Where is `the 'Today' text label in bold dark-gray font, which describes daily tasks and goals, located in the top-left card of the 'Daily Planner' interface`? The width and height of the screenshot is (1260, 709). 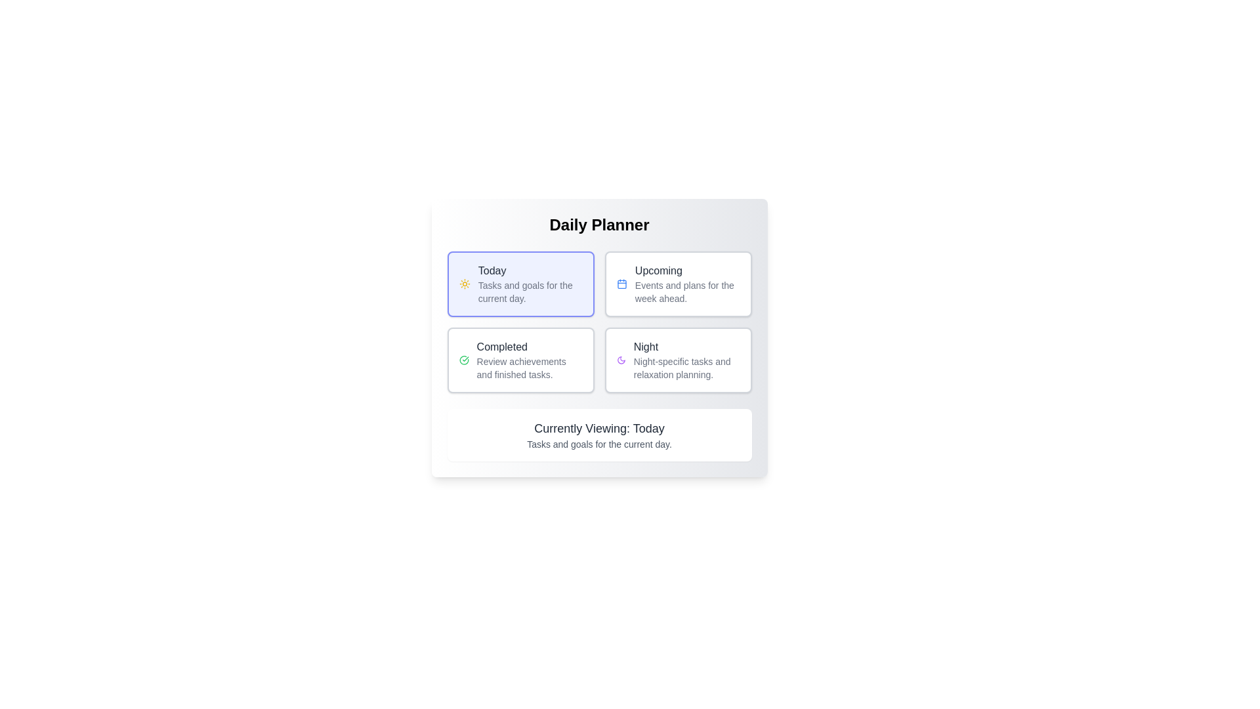
the 'Today' text label in bold dark-gray font, which describes daily tasks and goals, located in the top-left card of the 'Daily Planner' interface is located at coordinates (530, 283).